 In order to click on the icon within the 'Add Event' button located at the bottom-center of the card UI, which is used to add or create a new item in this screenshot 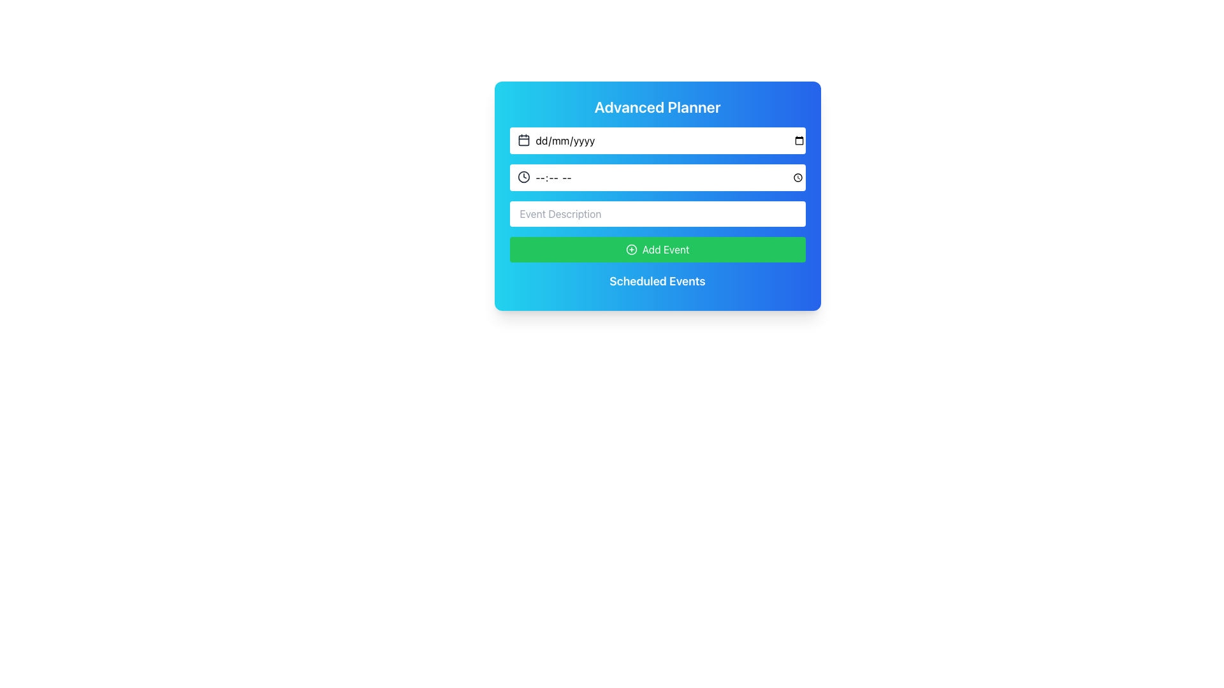, I will do `click(631, 250)`.